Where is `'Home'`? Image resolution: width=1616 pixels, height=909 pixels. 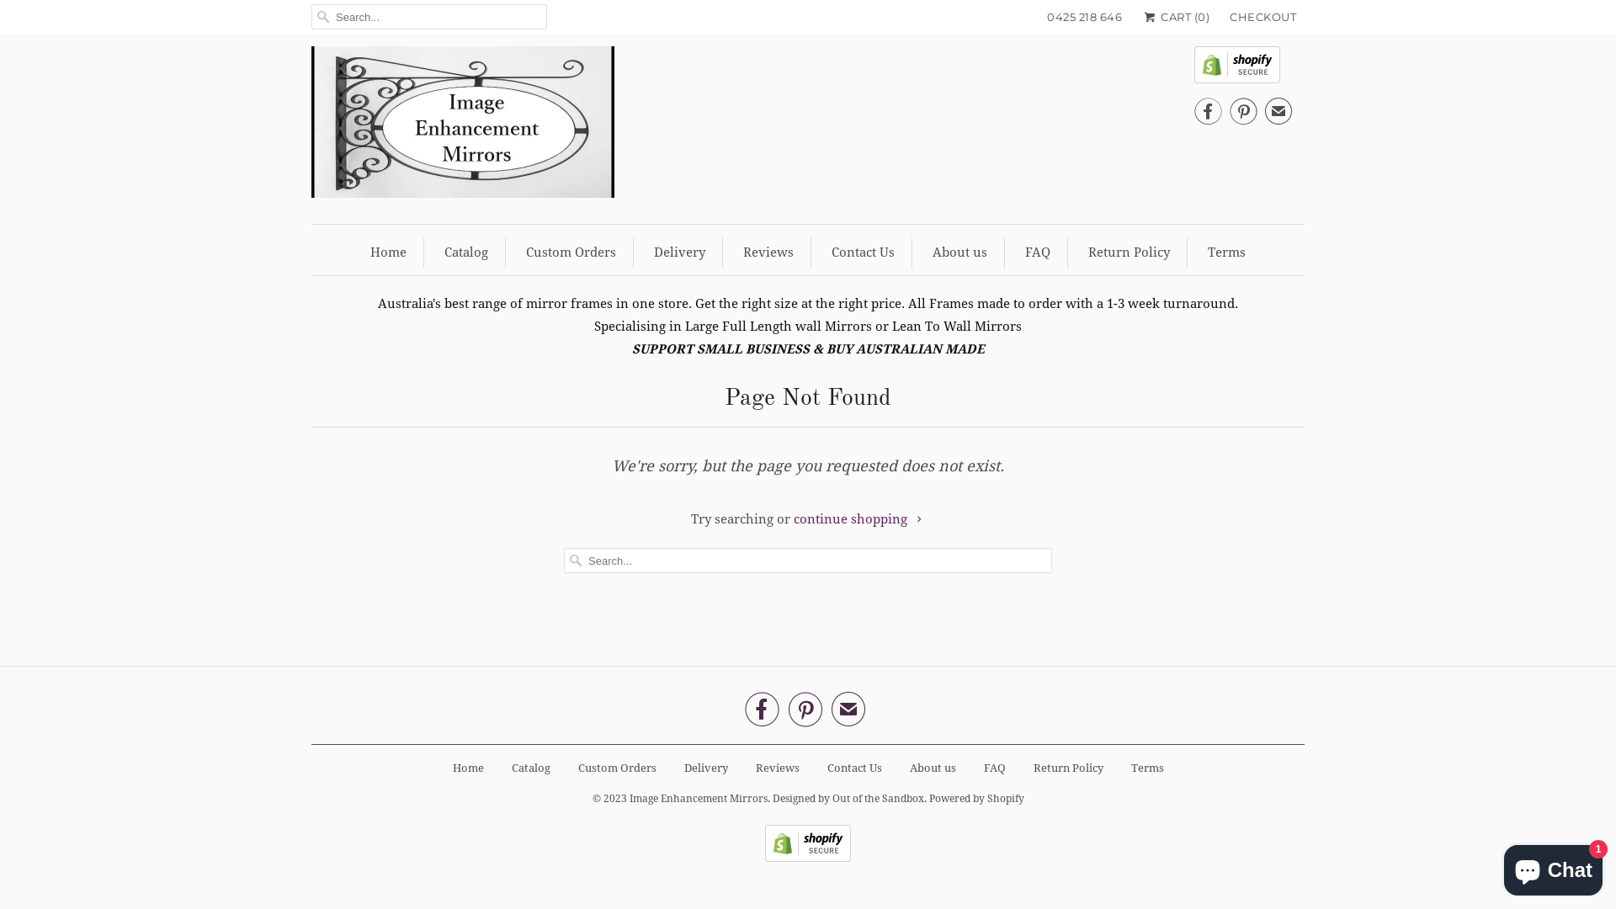
'Home' is located at coordinates (369, 252).